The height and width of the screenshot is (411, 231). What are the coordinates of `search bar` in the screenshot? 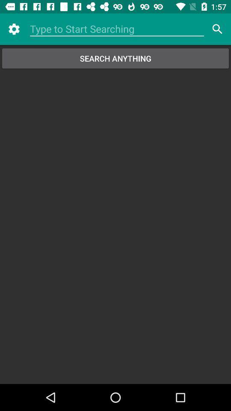 It's located at (116, 29).